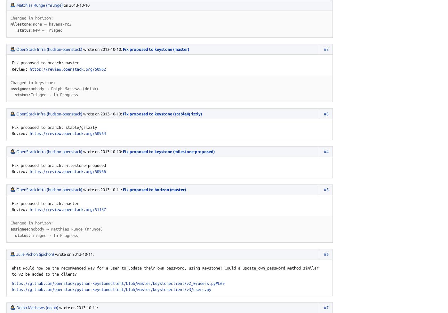  Describe the element at coordinates (326, 113) in the screenshot. I see `'#3'` at that location.